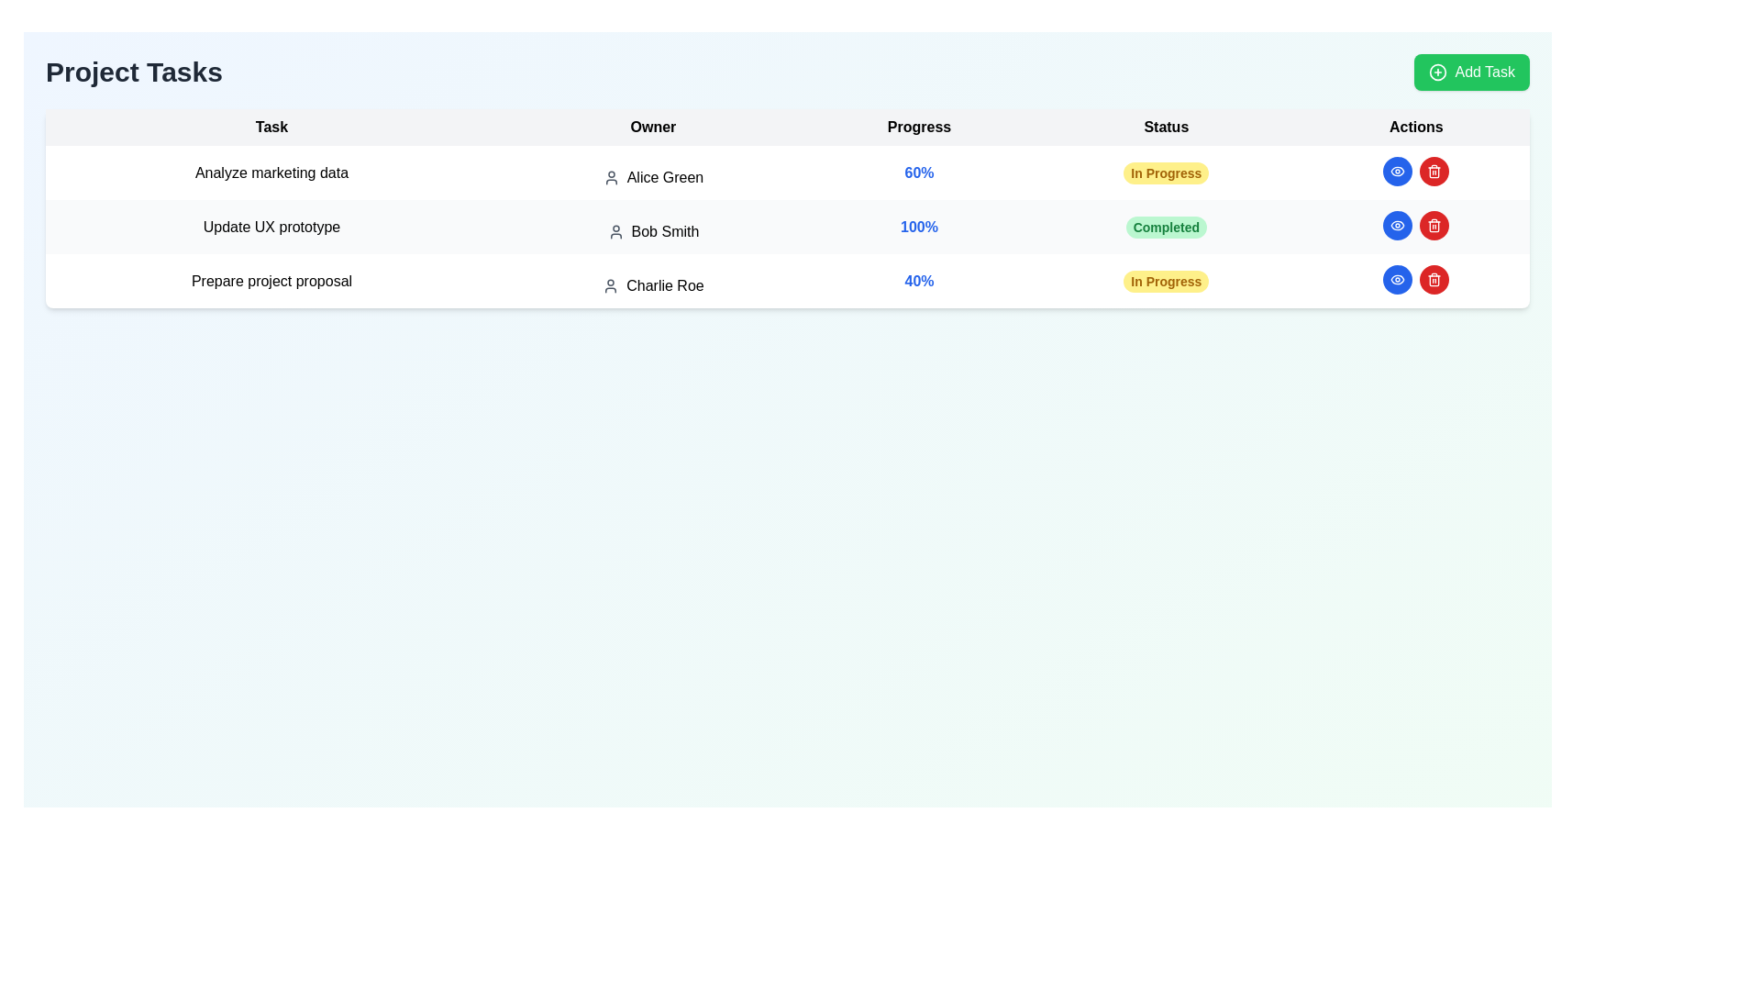  Describe the element at coordinates (653, 286) in the screenshot. I see `the Text with Icon indicating the owner responsible for the task 'Prepare project proposal' in the second item of the 'Owner' column in the third row of the table` at that location.